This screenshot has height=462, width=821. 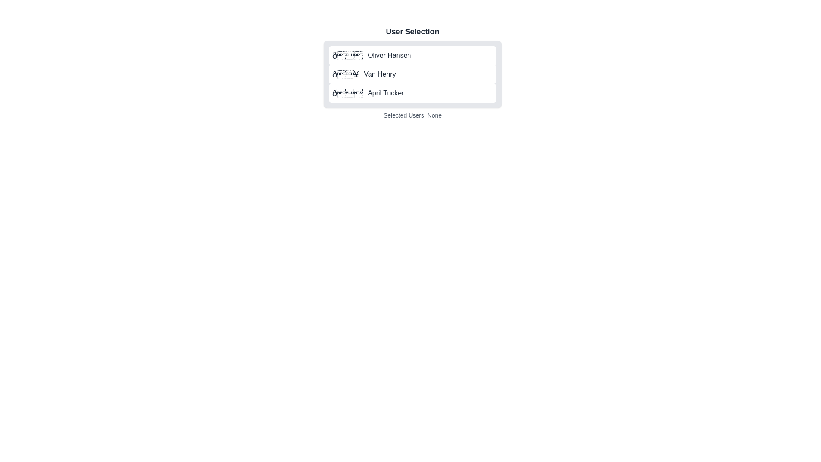 What do you see at coordinates (412, 56) in the screenshot?
I see `the first interactive list item located at the top of the vertical list` at bounding box center [412, 56].